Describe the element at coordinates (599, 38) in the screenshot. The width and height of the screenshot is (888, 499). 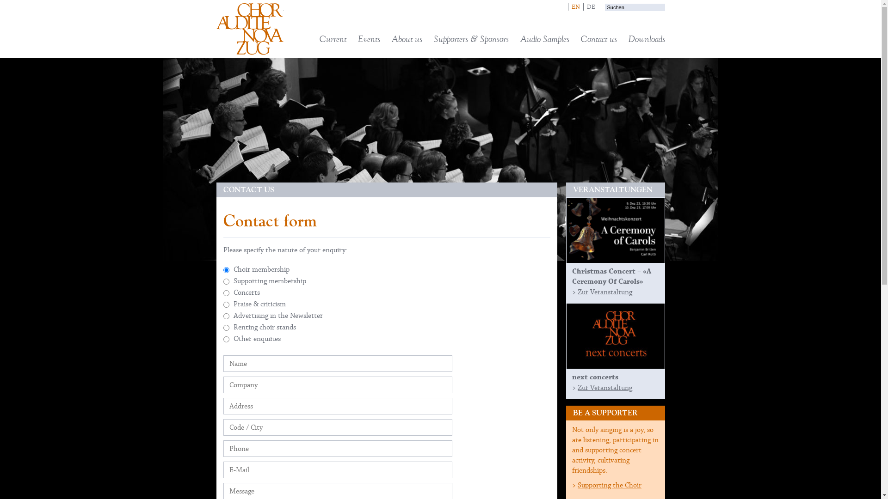
I see `'Contact us'` at that location.